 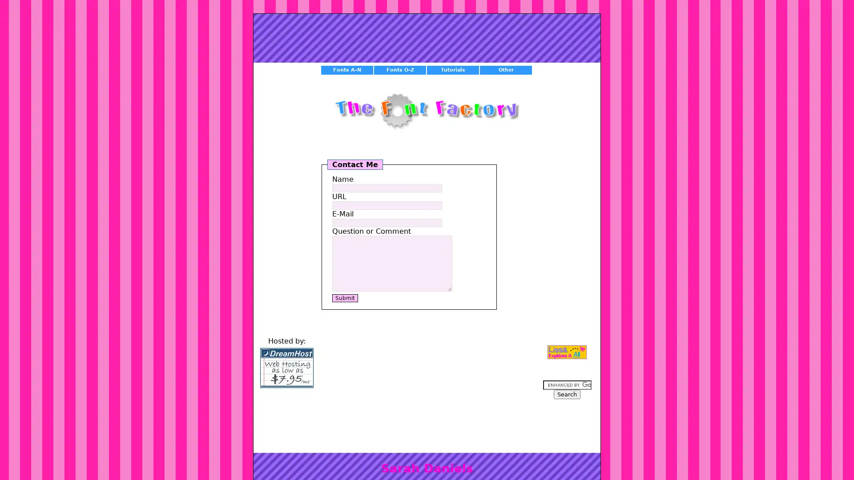 I want to click on Submit, so click(x=345, y=298).